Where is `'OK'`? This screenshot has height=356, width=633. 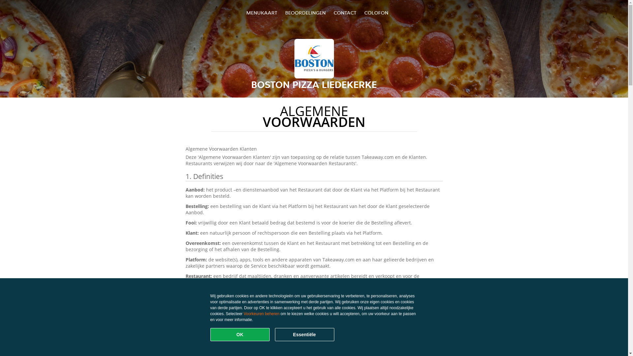 'OK' is located at coordinates (240, 334).